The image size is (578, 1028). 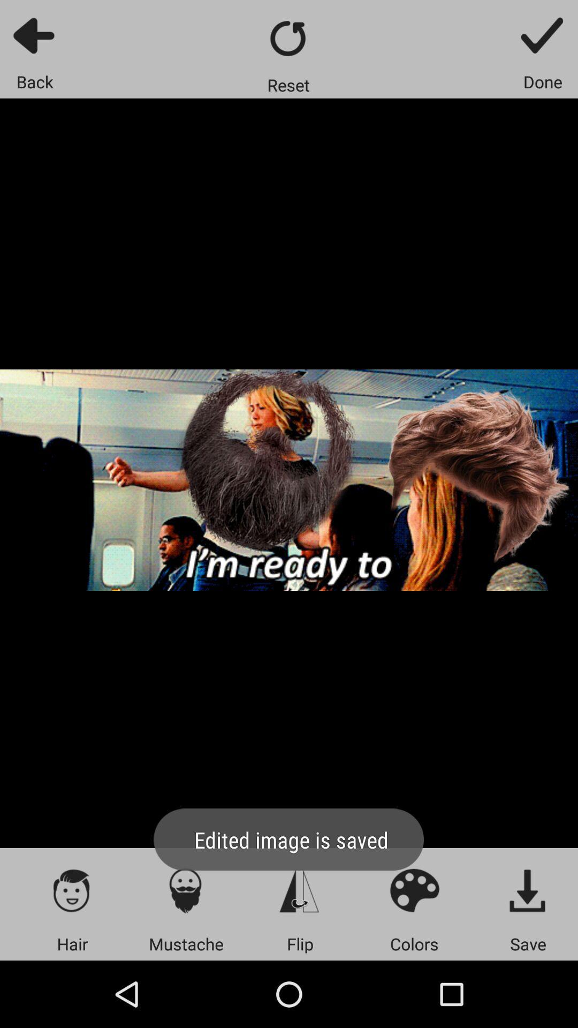 What do you see at coordinates (528, 890) in the screenshot?
I see `download` at bounding box center [528, 890].